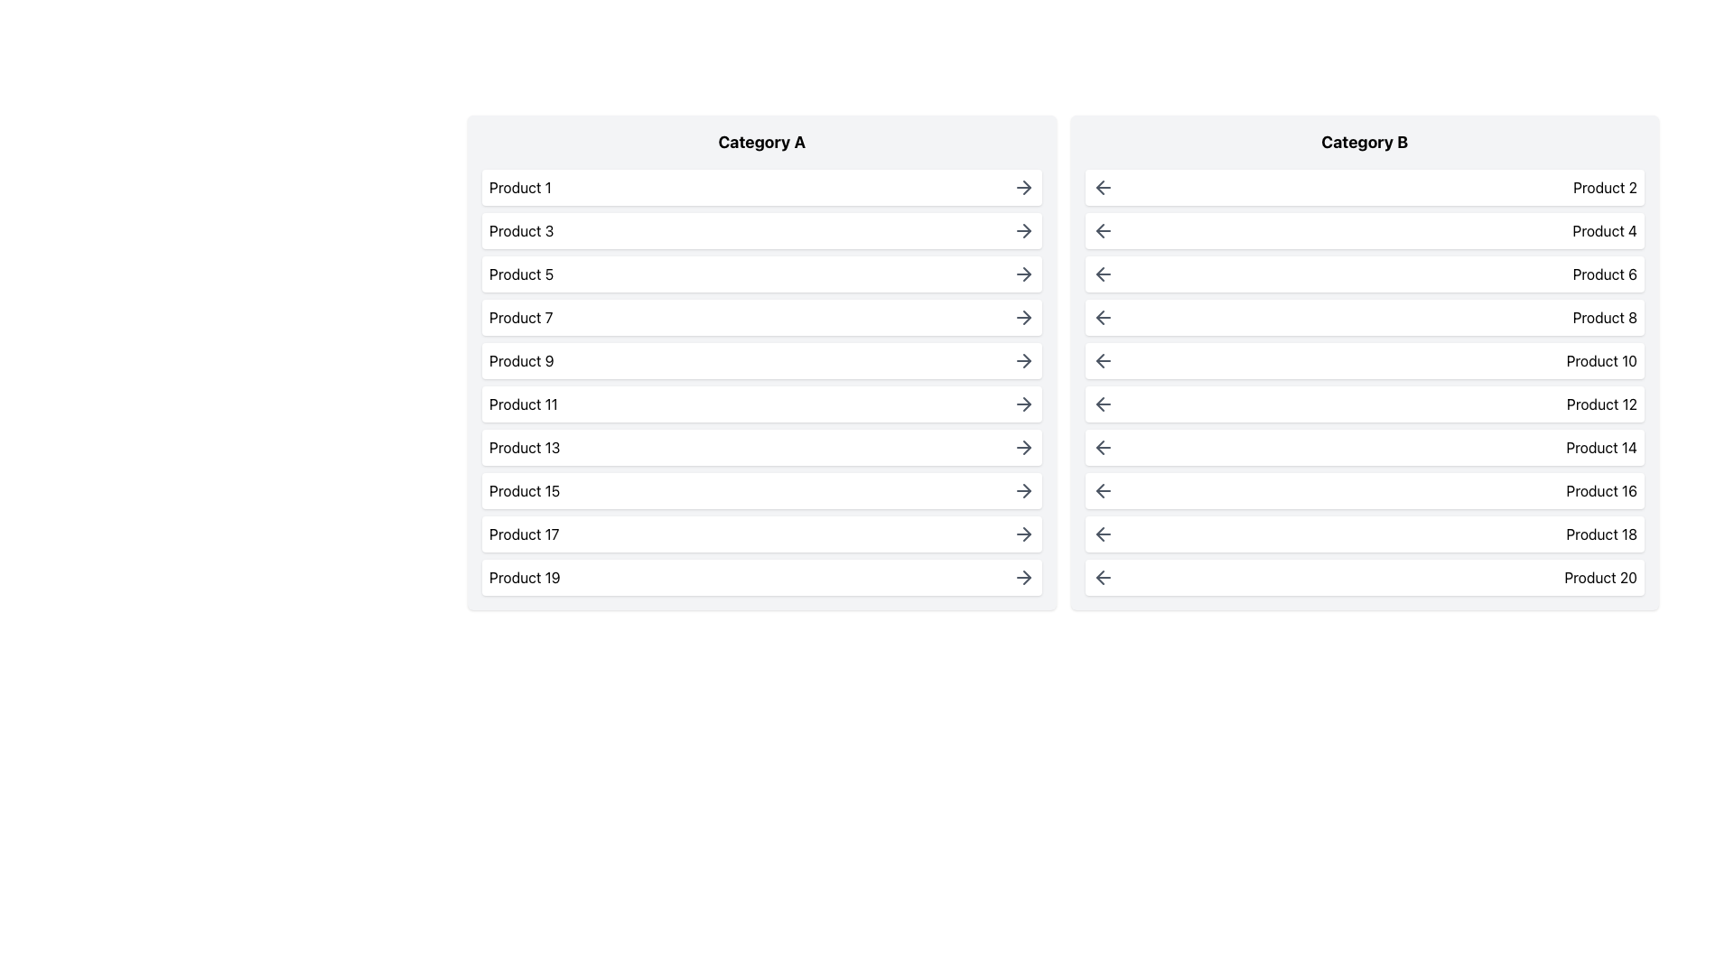  What do you see at coordinates (523, 533) in the screenshot?
I see `the label reading 'Product 17' located in 'Category A' on the left column` at bounding box center [523, 533].